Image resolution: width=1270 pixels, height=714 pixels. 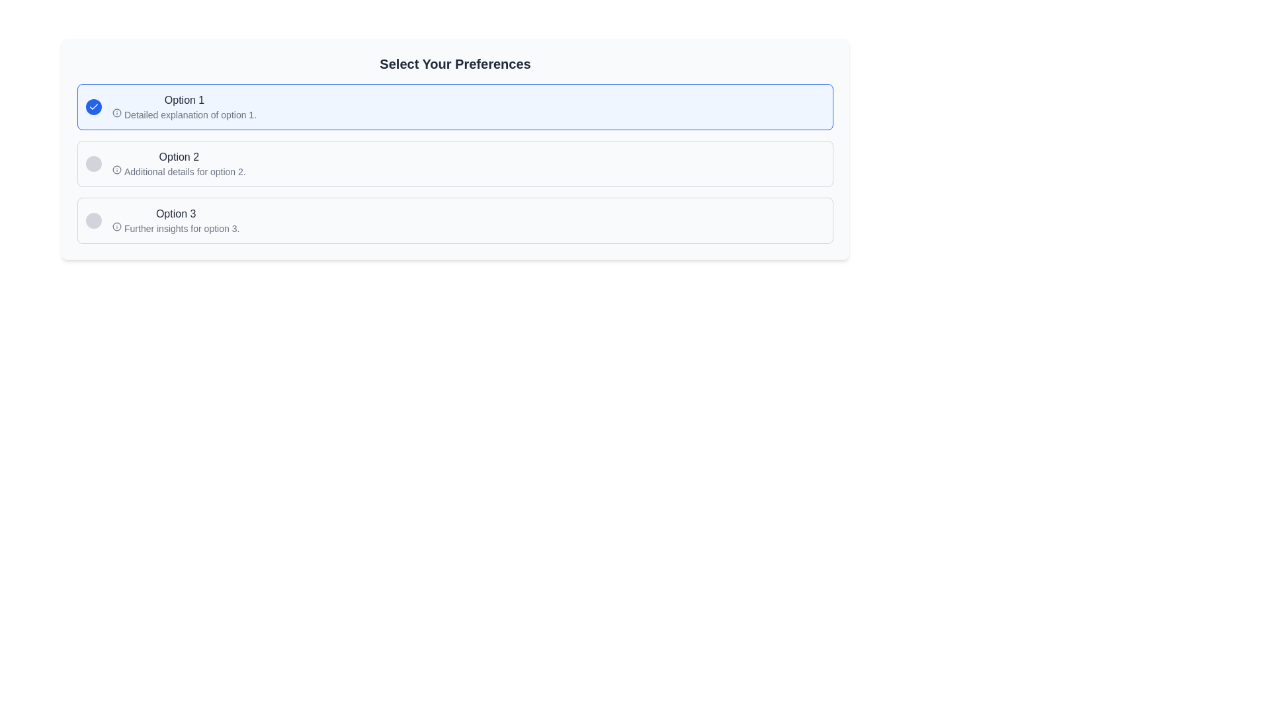 I want to click on the SVG circle component at the center of the informational icon, so click(x=117, y=112).